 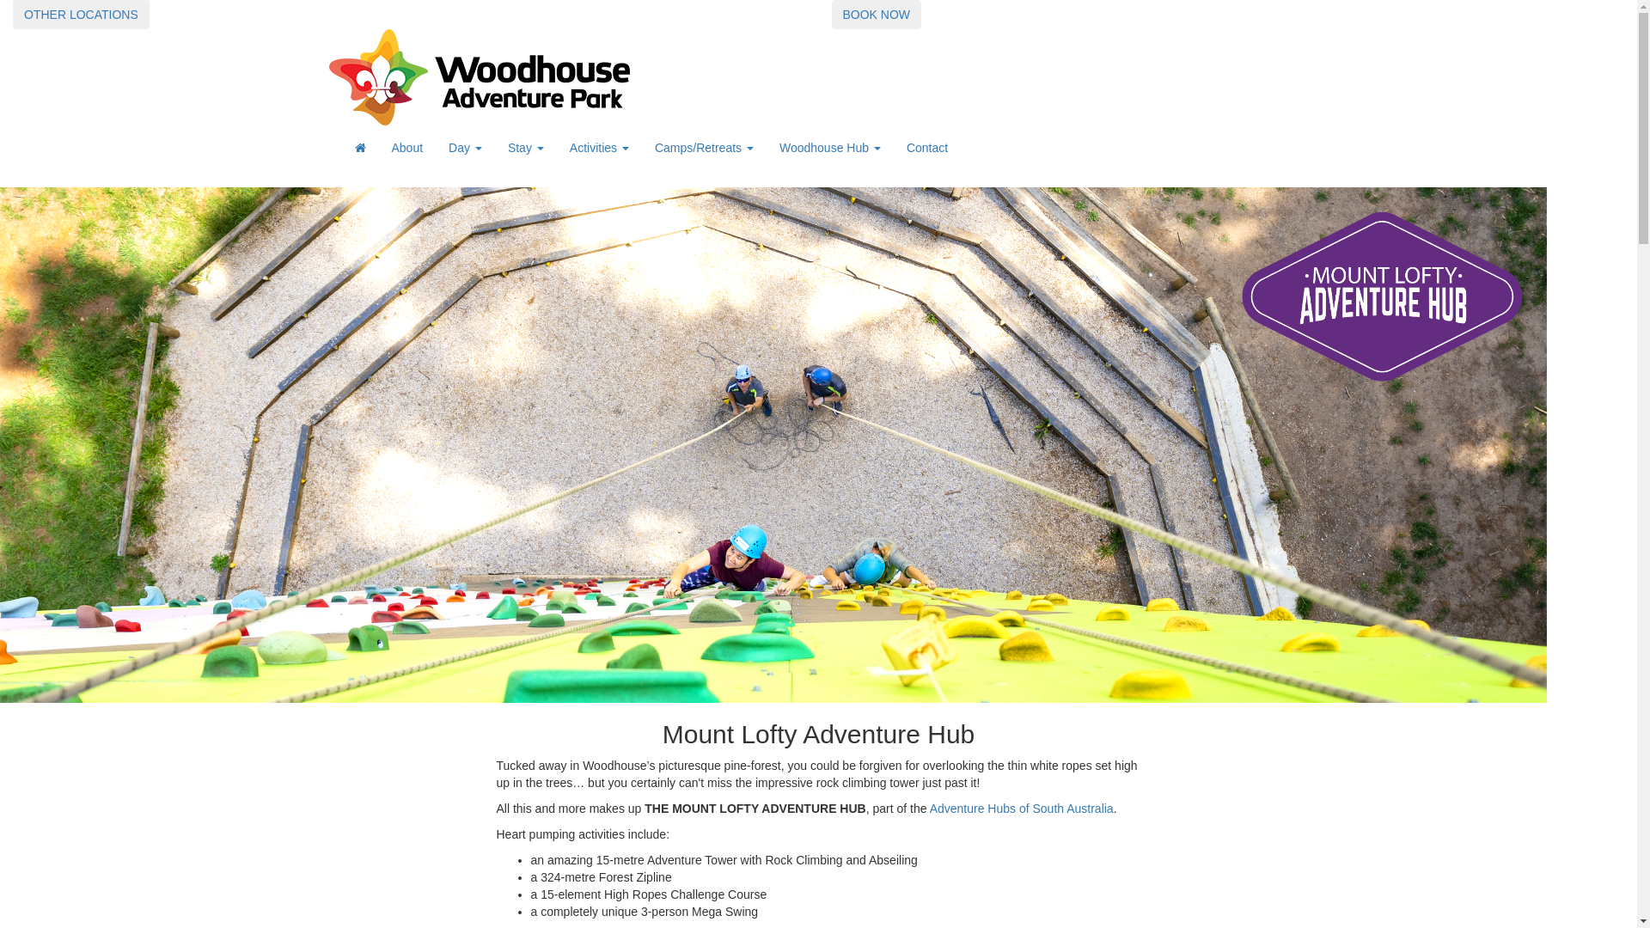 I want to click on 'BOOK NOW', so click(x=832, y=13).